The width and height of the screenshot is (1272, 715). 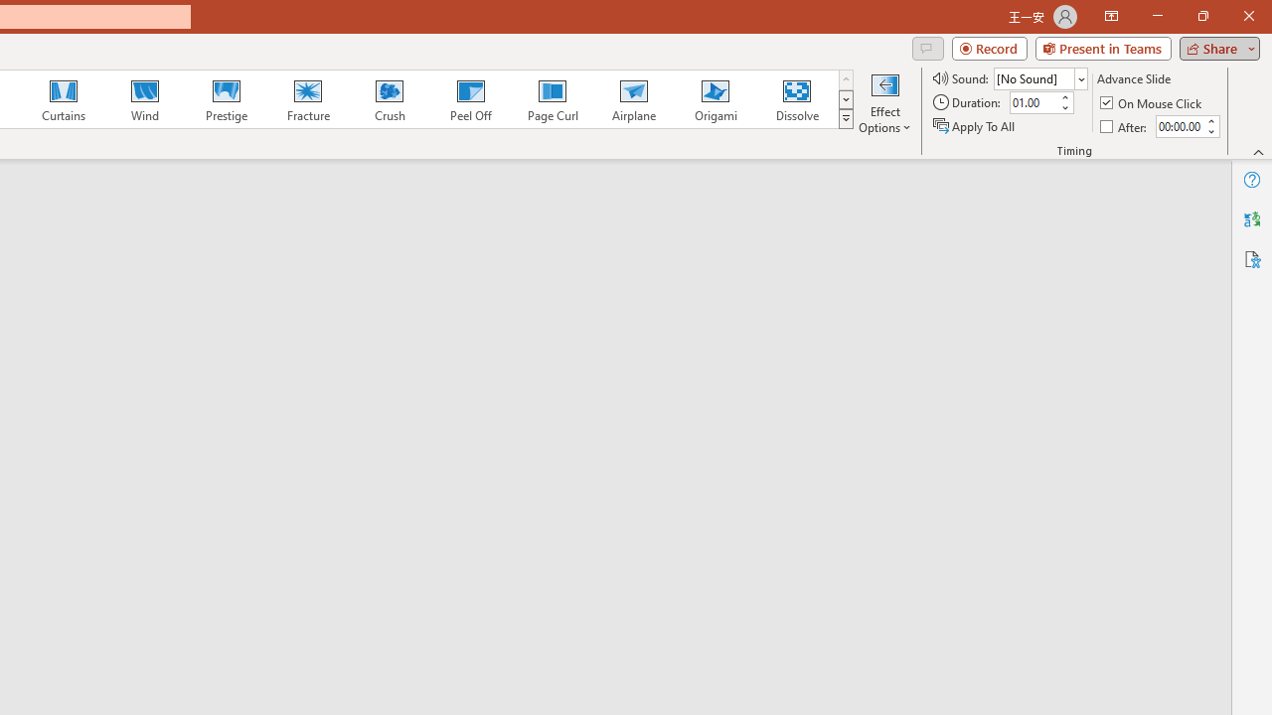 I want to click on 'Origami', so click(x=715, y=99).